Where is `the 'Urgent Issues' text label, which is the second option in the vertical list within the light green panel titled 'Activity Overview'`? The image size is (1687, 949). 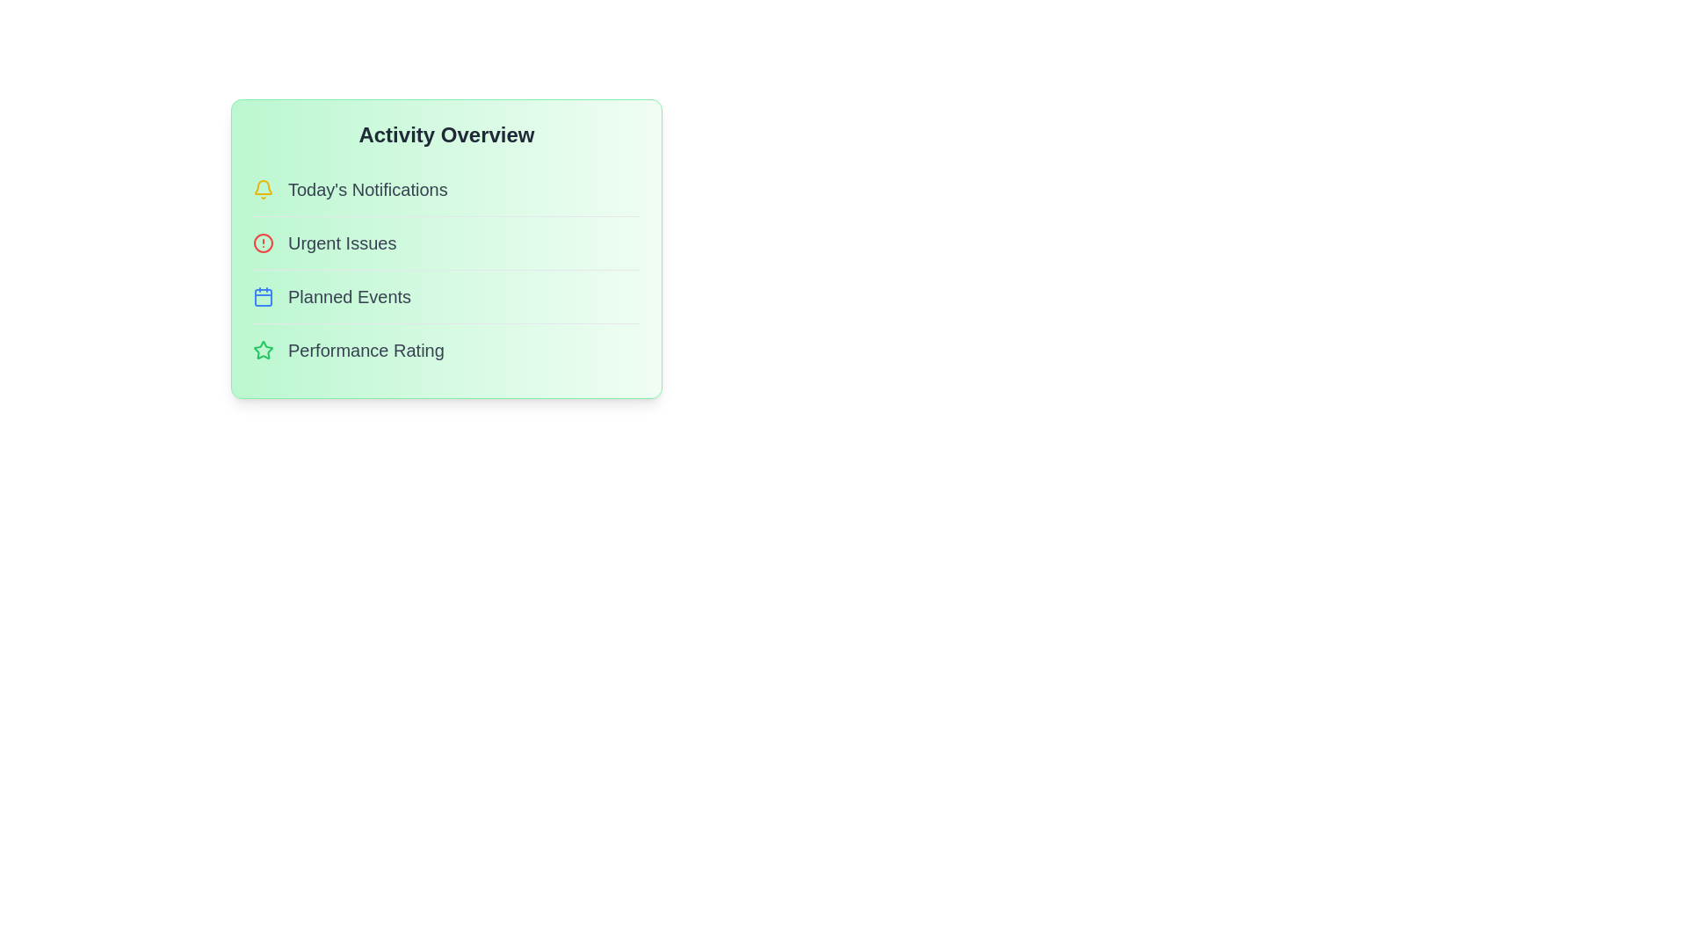
the 'Urgent Issues' text label, which is the second option in the vertical list within the light green panel titled 'Activity Overview' is located at coordinates (342, 243).